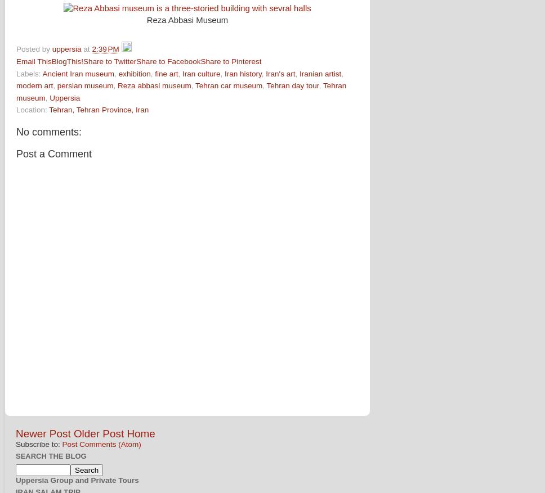  Describe the element at coordinates (51, 49) in the screenshot. I see `'uppersia'` at that location.